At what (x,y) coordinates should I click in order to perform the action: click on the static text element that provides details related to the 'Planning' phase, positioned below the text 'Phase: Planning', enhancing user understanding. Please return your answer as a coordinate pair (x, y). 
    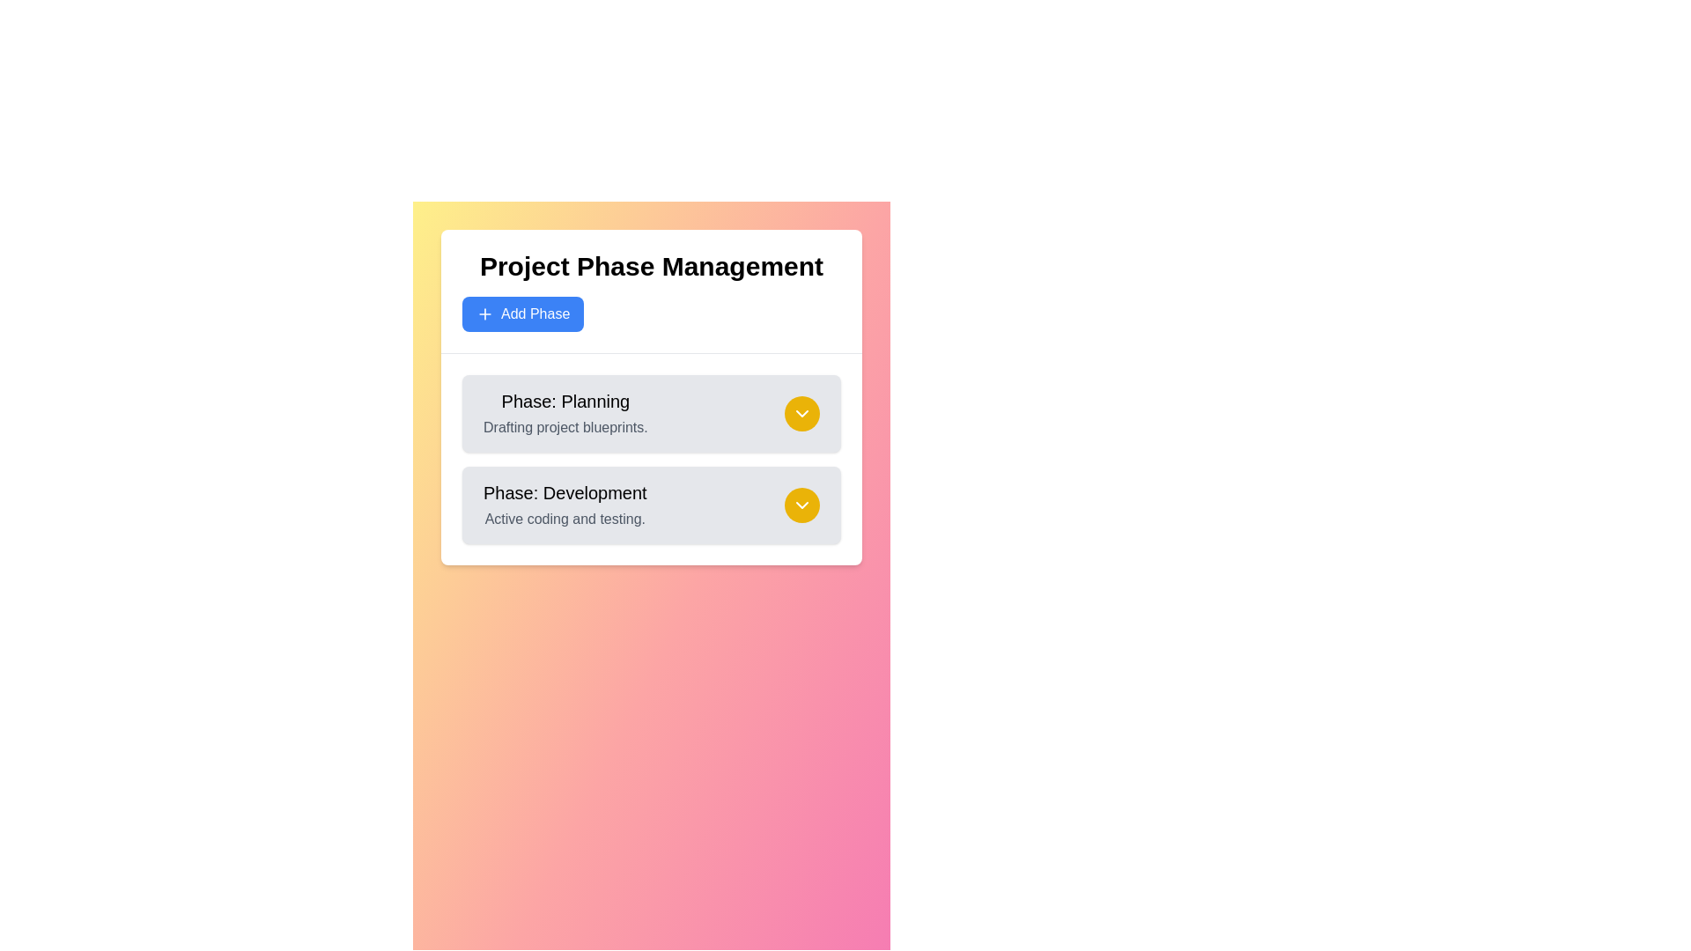
    Looking at the image, I should click on (565, 428).